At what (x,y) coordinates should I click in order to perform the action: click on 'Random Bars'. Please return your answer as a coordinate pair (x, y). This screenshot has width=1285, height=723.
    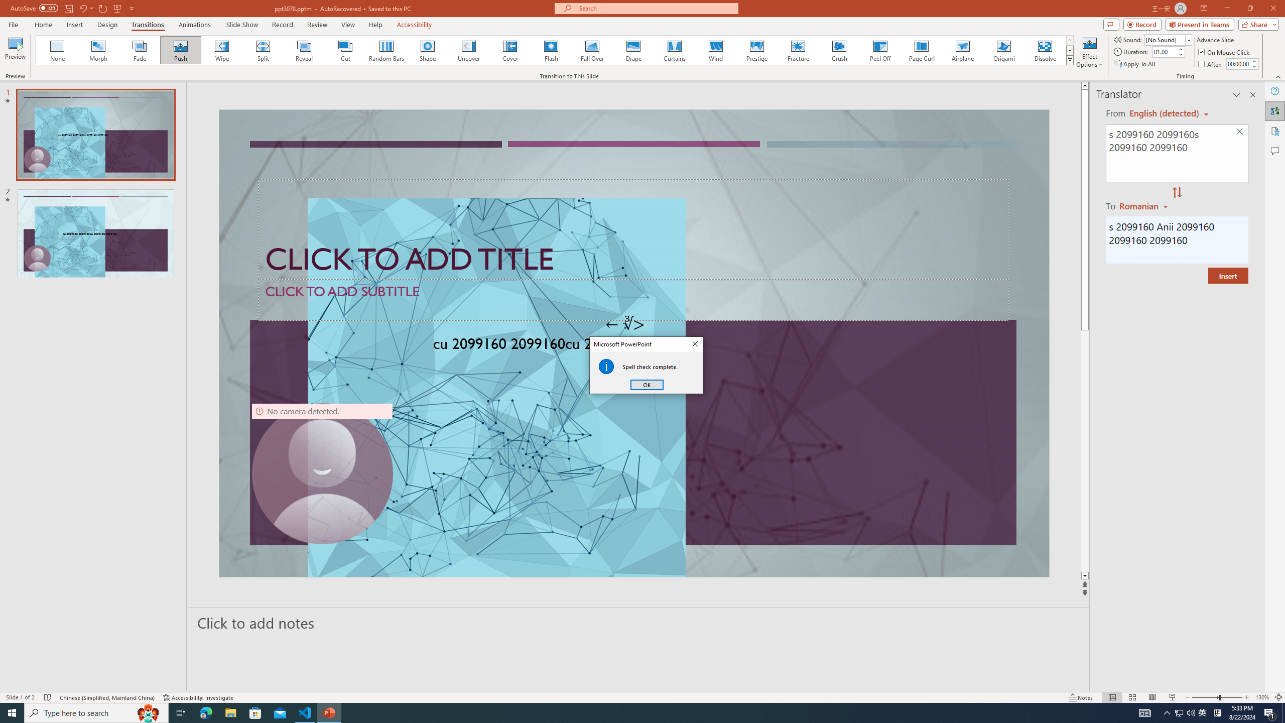
    Looking at the image, I should click on (387, 50).